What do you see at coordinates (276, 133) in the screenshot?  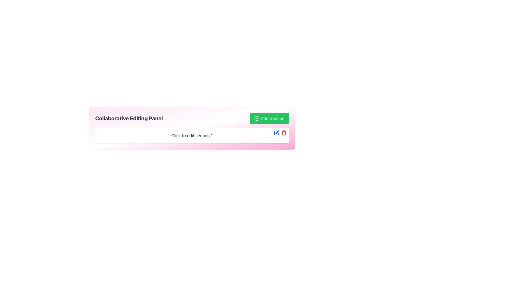 I see `the edit icon button located to the right of the input field` at bounding box center [276, 133].